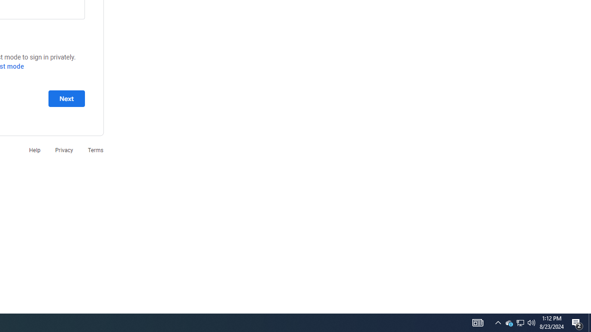  What do you see at coordinates (66, 98) in the screenshot?
I see `'Next'` at bounding box center [66, 98].